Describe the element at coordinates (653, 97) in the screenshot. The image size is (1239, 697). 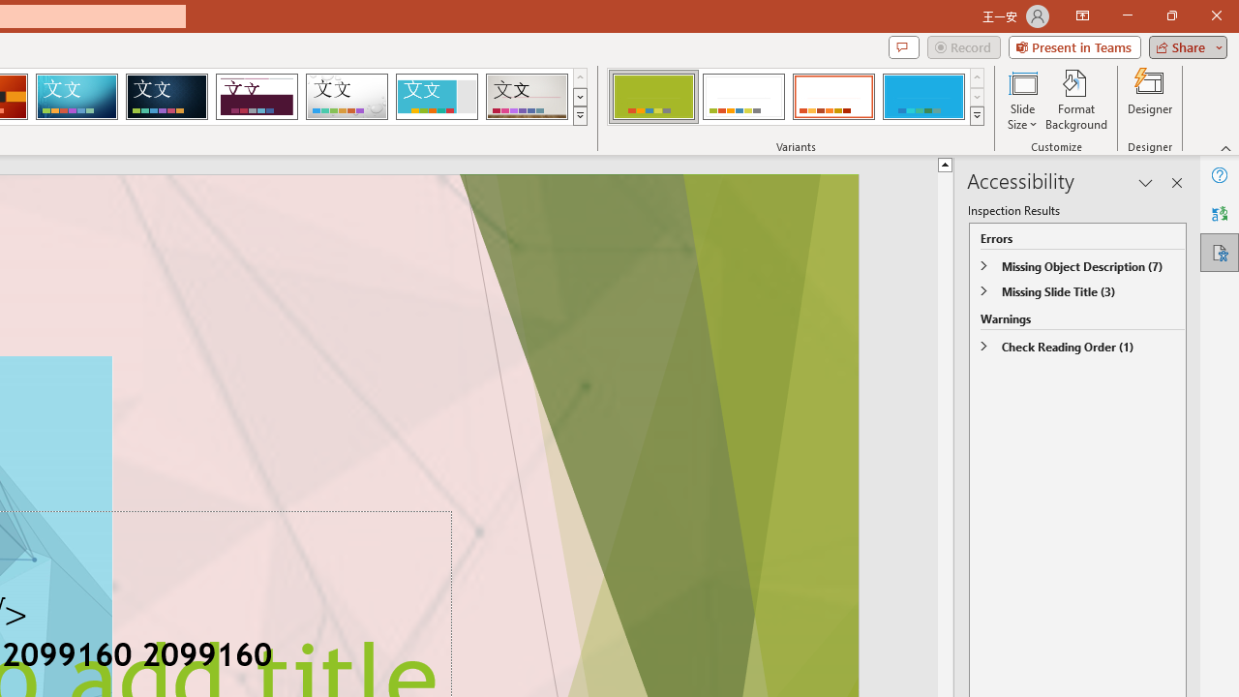
I see `'Basis Variant 1'` at that location.